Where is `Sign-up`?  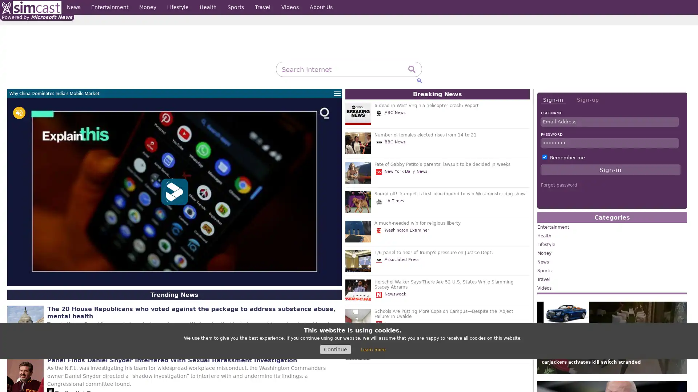
Sign-up is located at coordinates (587, 99).